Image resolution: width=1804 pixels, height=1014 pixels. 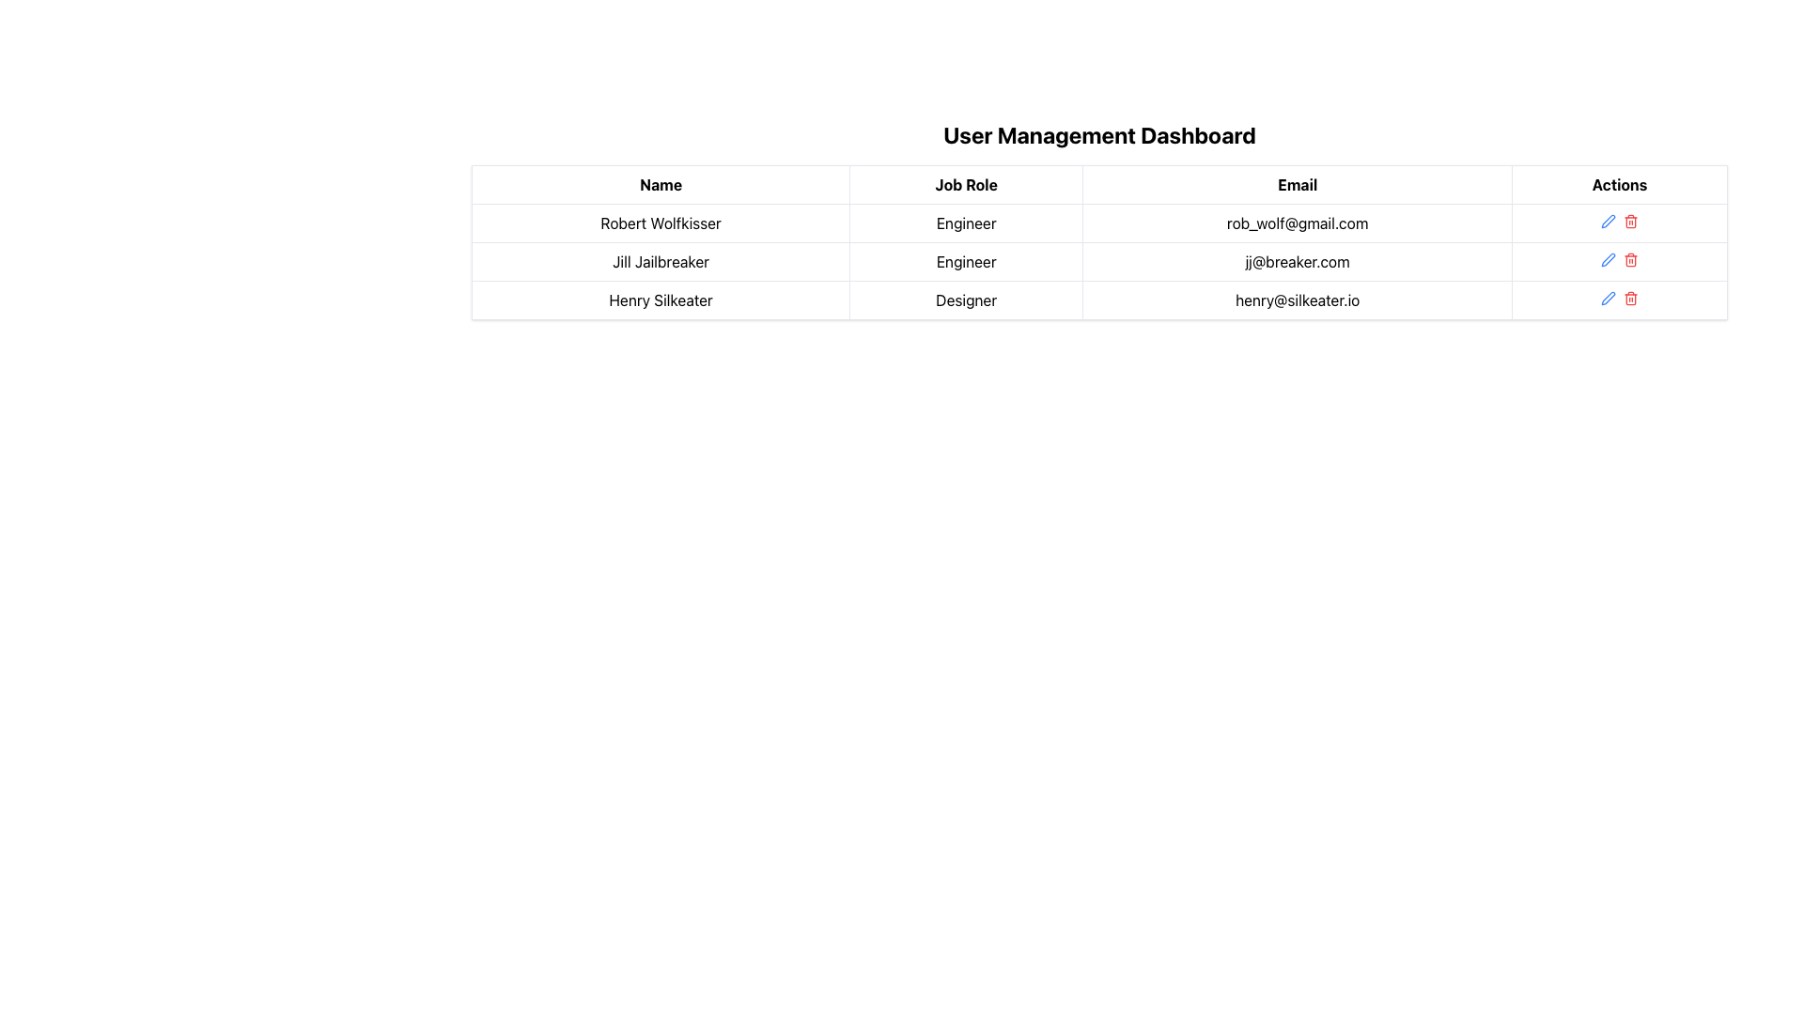 What do you see at coordinates (661, 261) in the screenshot?
I see `the static text element displaying the user's name in the first column of the second row within the User Management Dashboard` at bounding box center [661, 261].